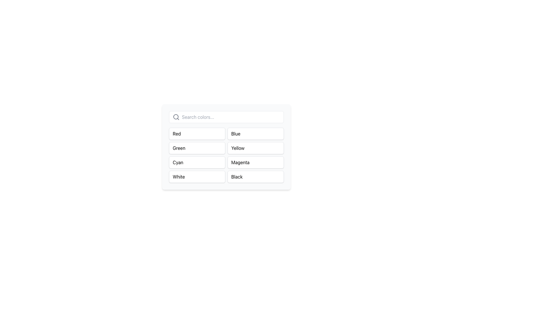 This screenshot has width=551, height=310. What do you see at coordinates (197, 177) in the screenshot?
I see `the 'White' button located in the bottom-left cell of the two-column grid layout` at bounding box center [197, 177].